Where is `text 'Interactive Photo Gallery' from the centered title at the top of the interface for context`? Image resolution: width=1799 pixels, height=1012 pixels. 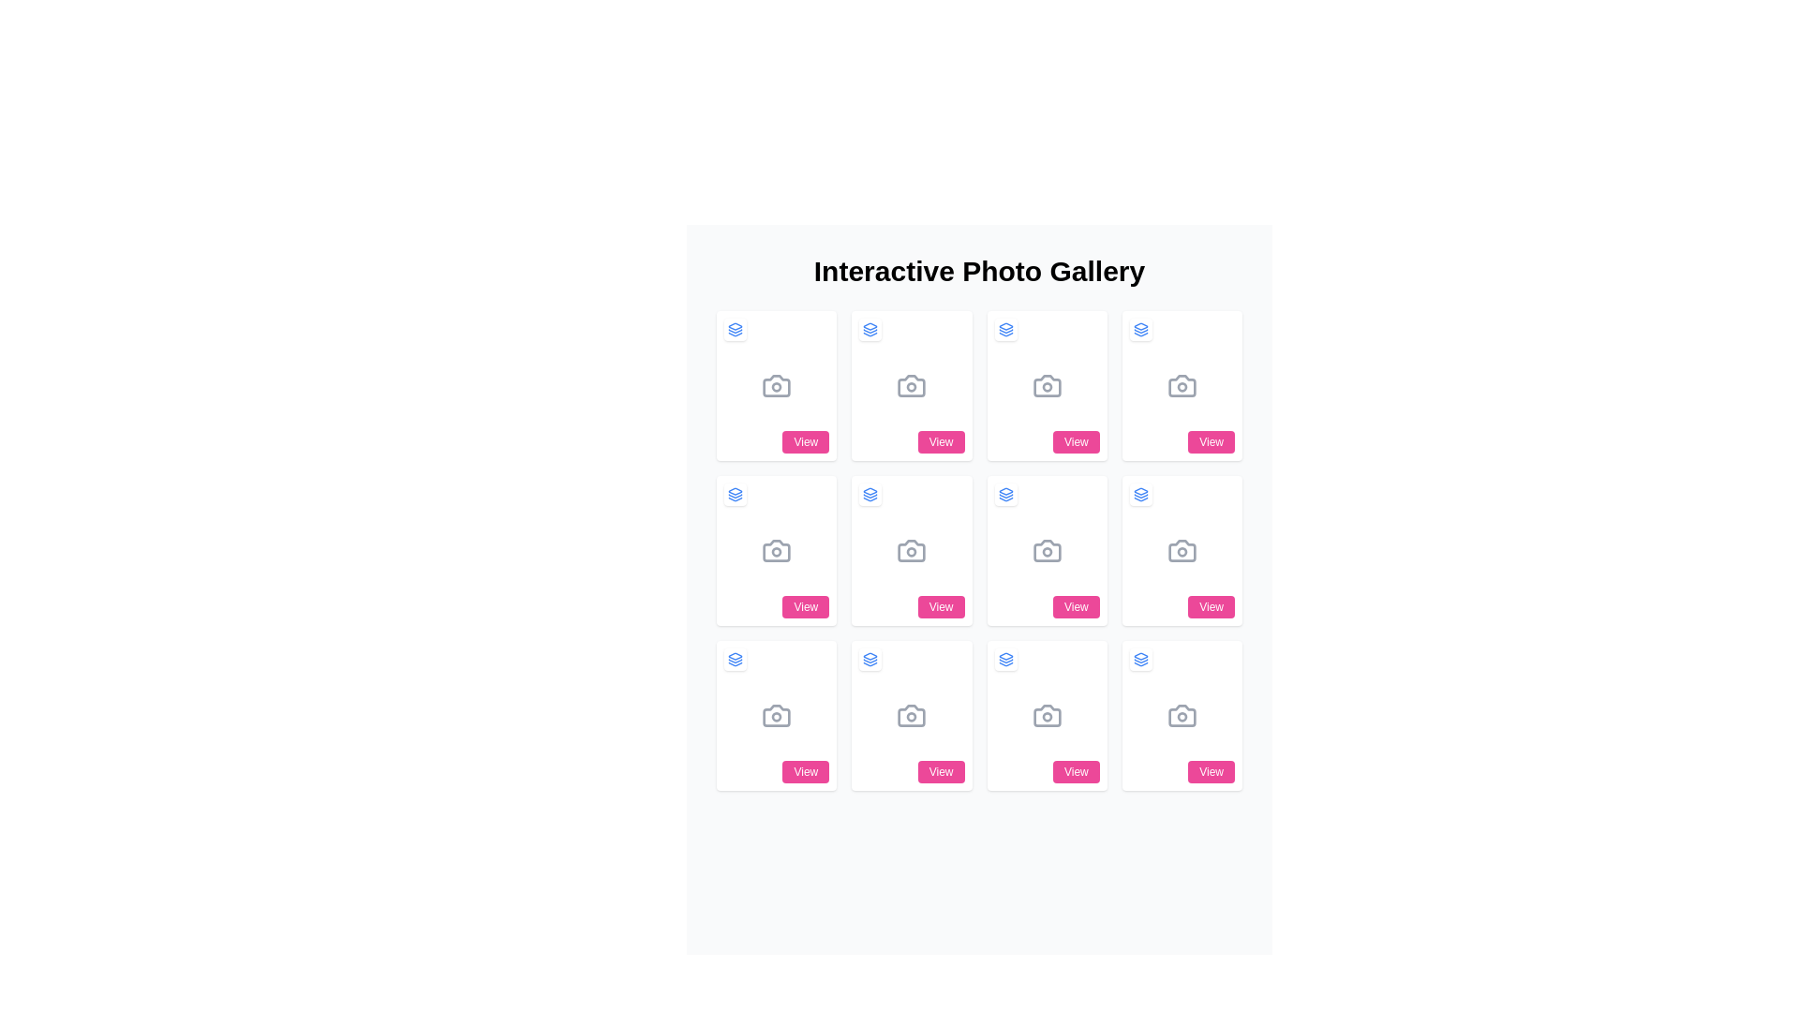
text 'Interactive Photo Gallery' from the centered title at the top of the interface for context is located at coordinates (978, 271).